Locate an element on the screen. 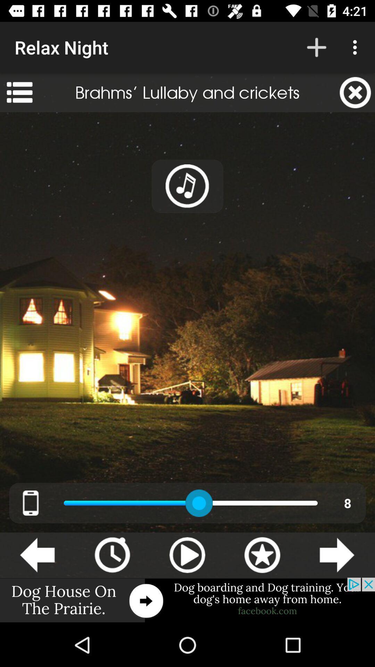 This screenshot has width=375, height=667. the list icon is located at coordinates (19, 92).